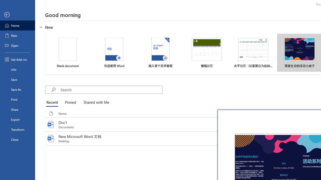 This screenshot has height=180, width=321. What do you see at coordinates (17, 35) in the screenshot?
I see `'New'` at bounding box center [17, 35].